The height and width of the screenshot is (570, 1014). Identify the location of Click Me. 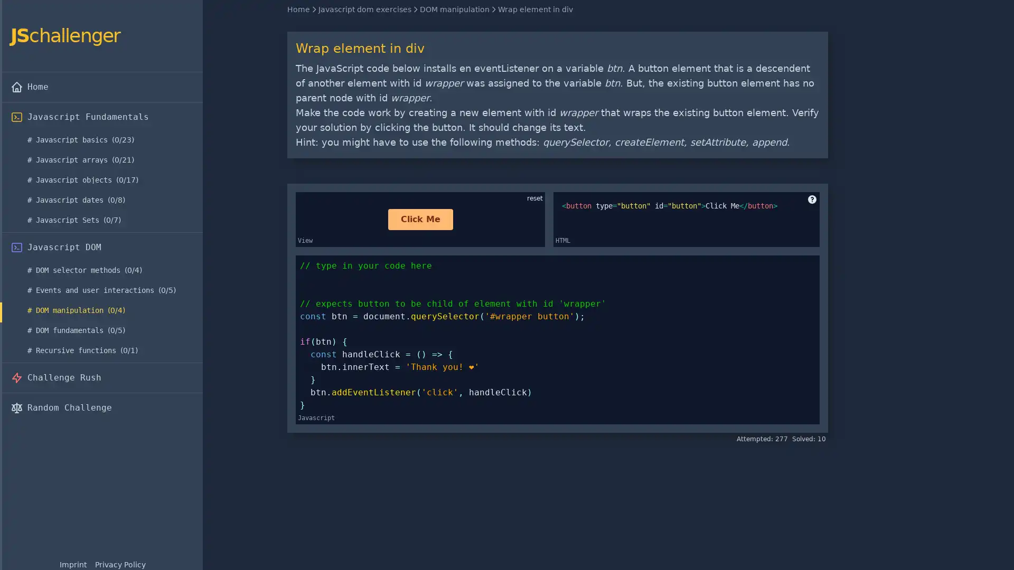
(419, 219).